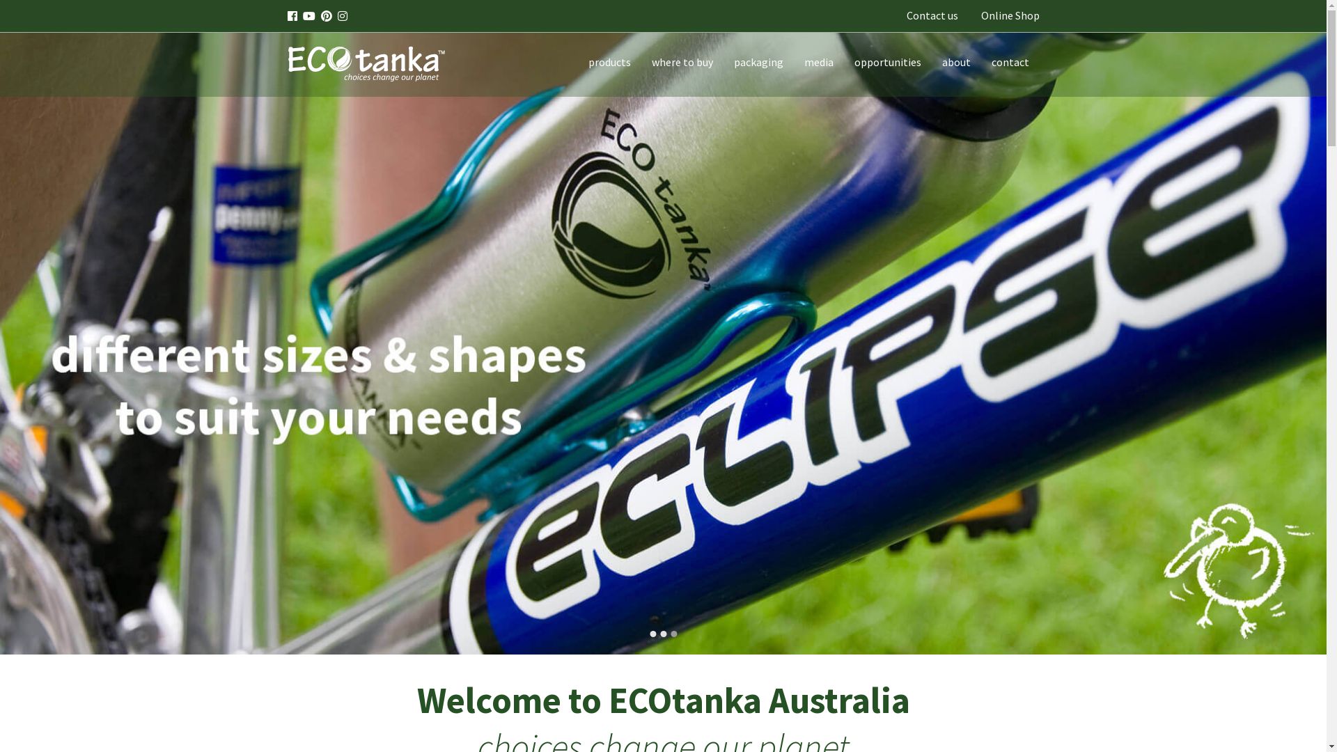 The image size is (1337, 752). What do you see at coordinates (609, 61) in the screenshot?
I see `'products'` at bounding box center [609, 61].